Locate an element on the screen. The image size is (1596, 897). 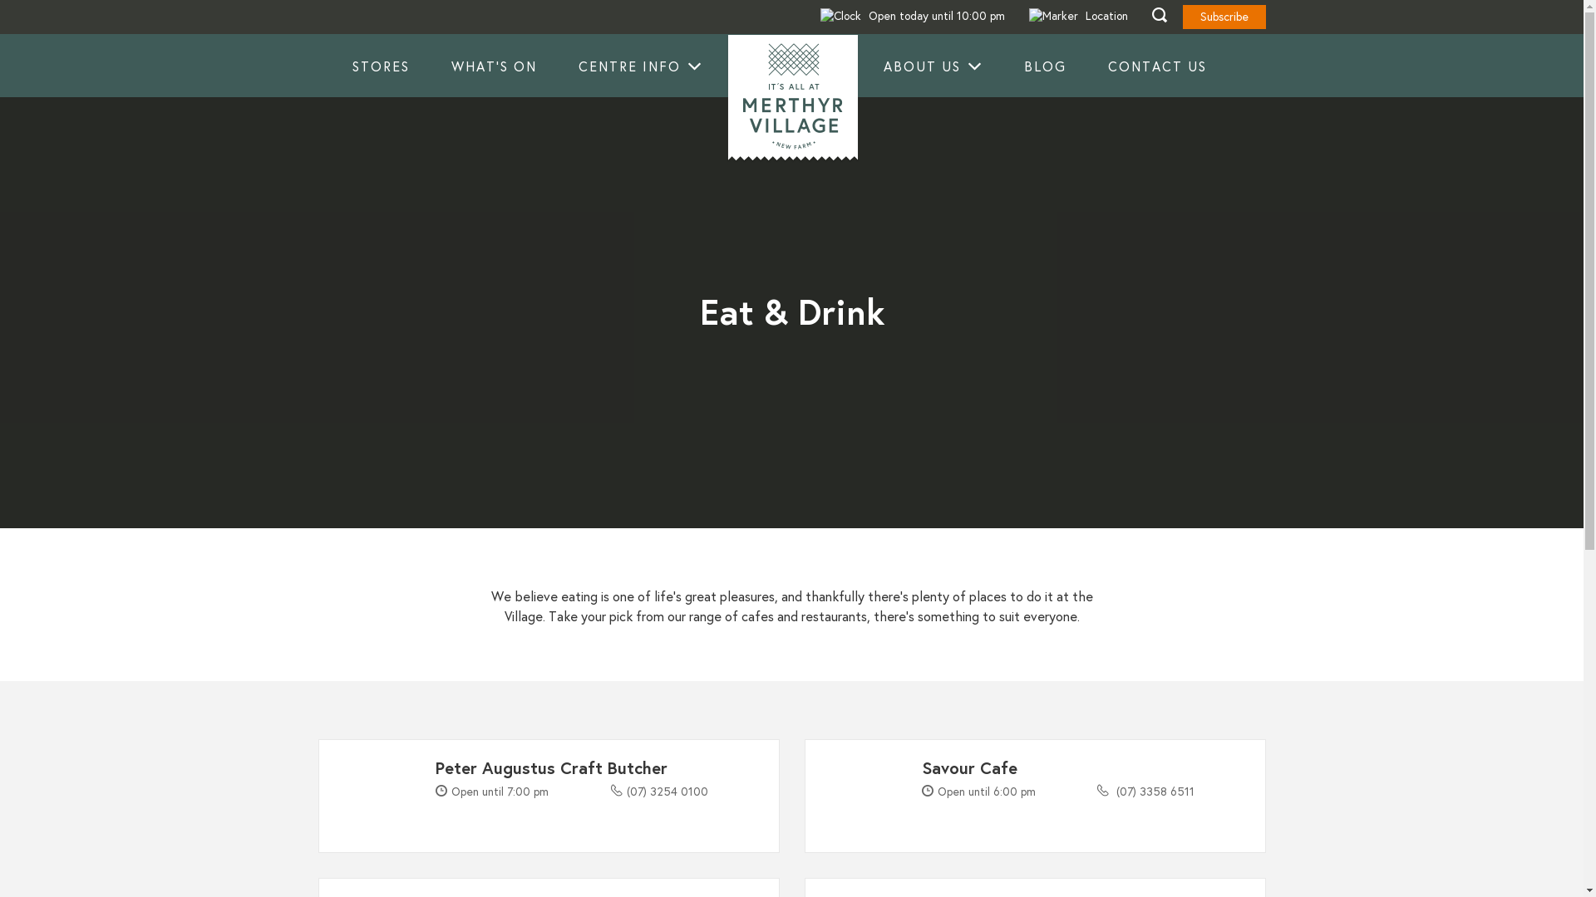
'CENTRE INFO' is located at coordinates (579, 66).